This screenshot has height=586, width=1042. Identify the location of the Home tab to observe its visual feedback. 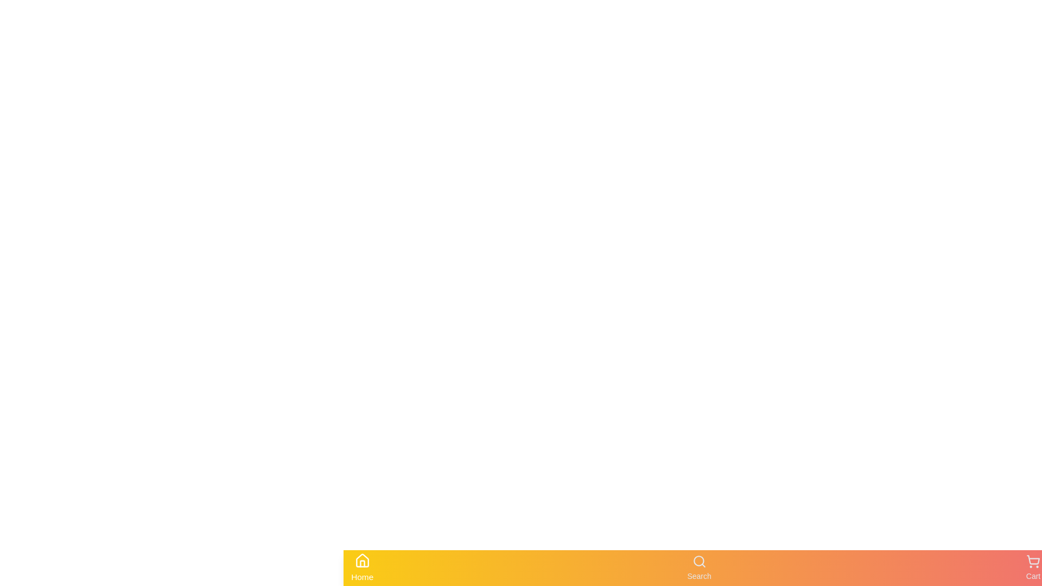
(362, 567).